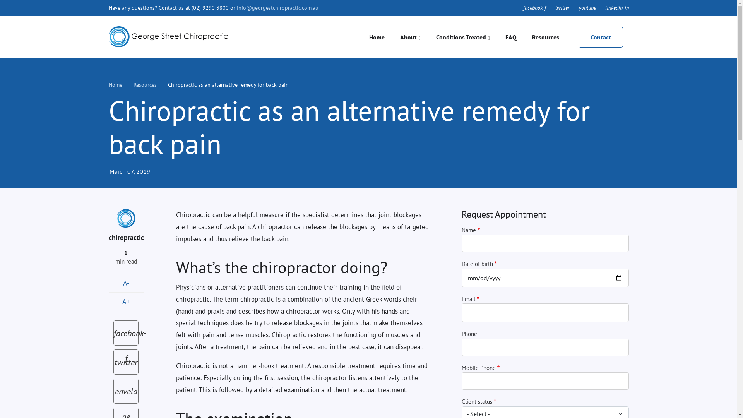 The width and height of the screenshot is (743, 418). I want to click on 'info@georgestchiropractic.com.au', so click(277, 7).